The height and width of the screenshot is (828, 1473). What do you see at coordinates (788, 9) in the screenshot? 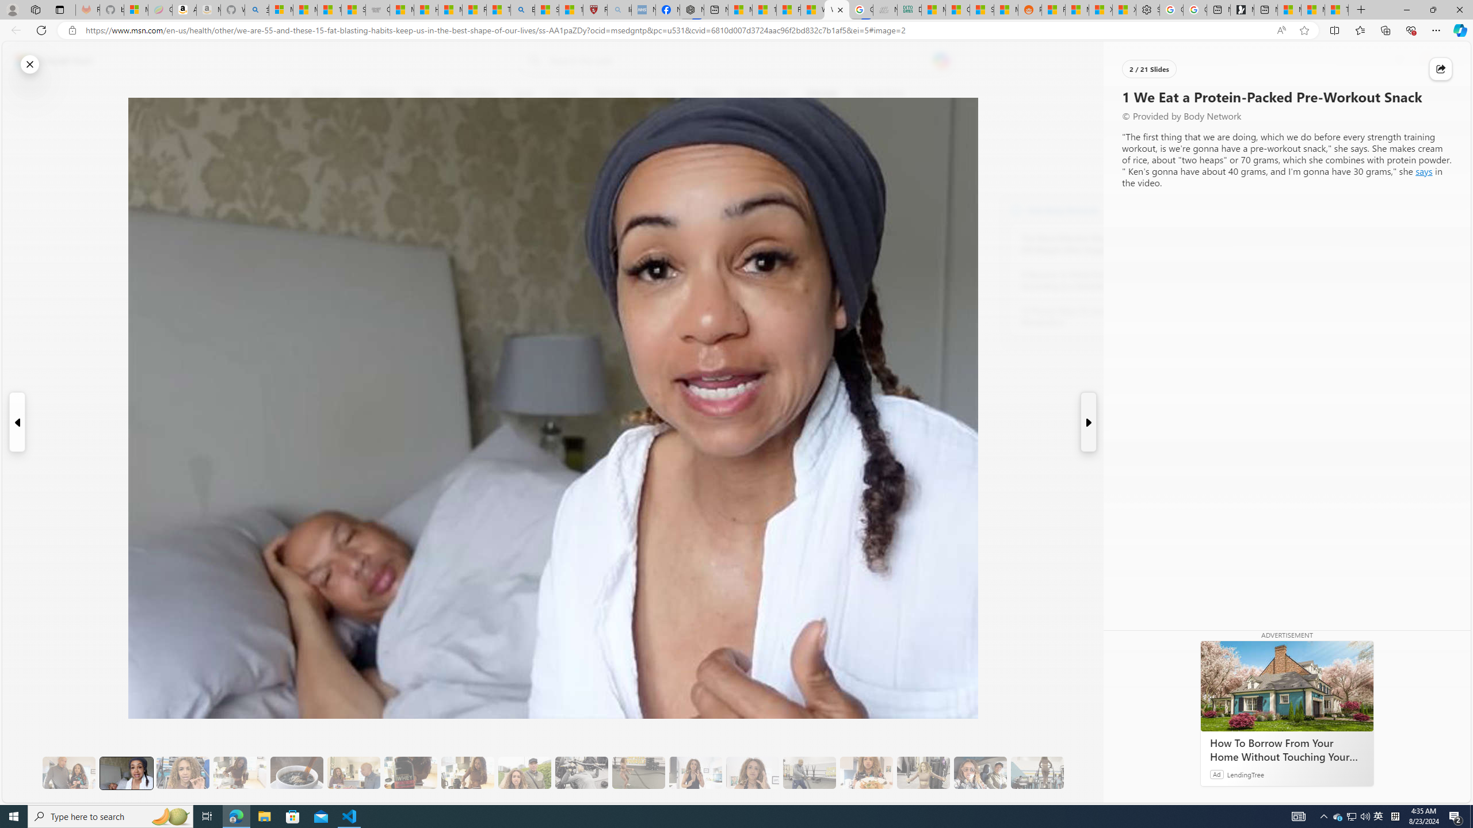
I see `'Fitness - MSN'` at bounding box center [788, 9].